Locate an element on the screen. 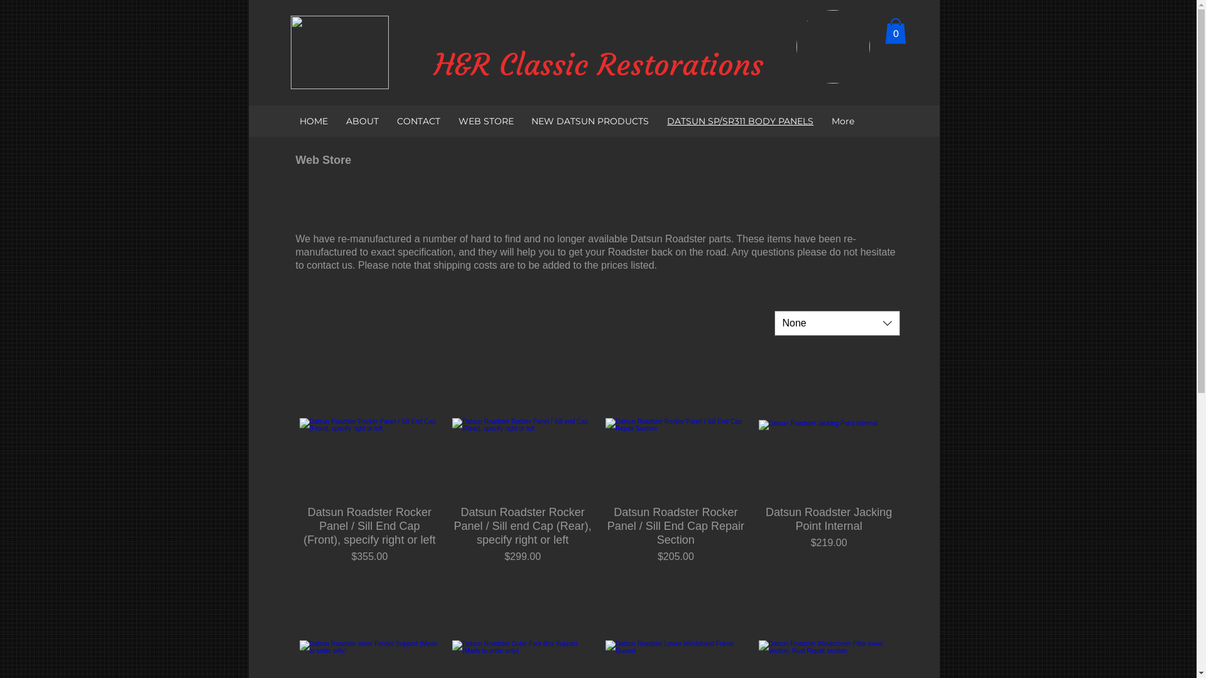 The height and width of the screenshot is (678, 1206). 'WEB STORE' is located at coordinates (485, 121).